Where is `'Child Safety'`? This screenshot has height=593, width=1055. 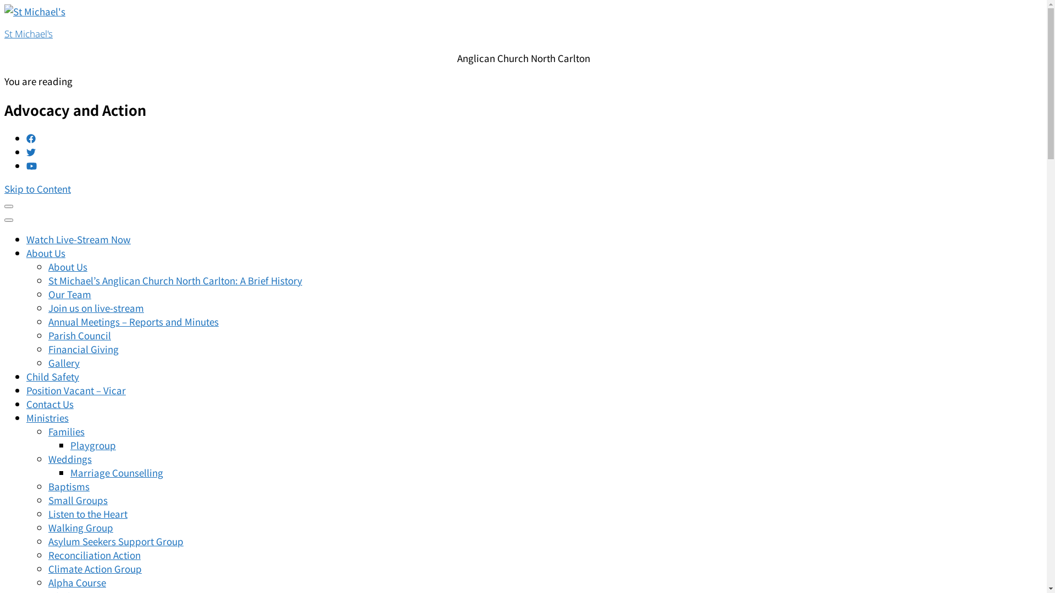
'Child Safety' is located at coordinates (52, 376).